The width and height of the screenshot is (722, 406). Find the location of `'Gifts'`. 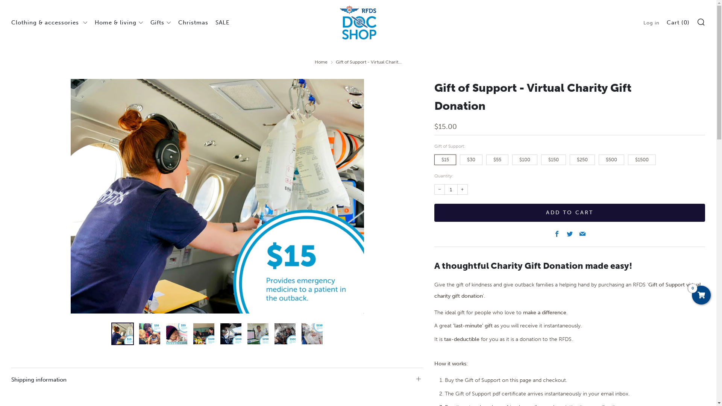

'Gifts' is located at coordinates (160, 22).